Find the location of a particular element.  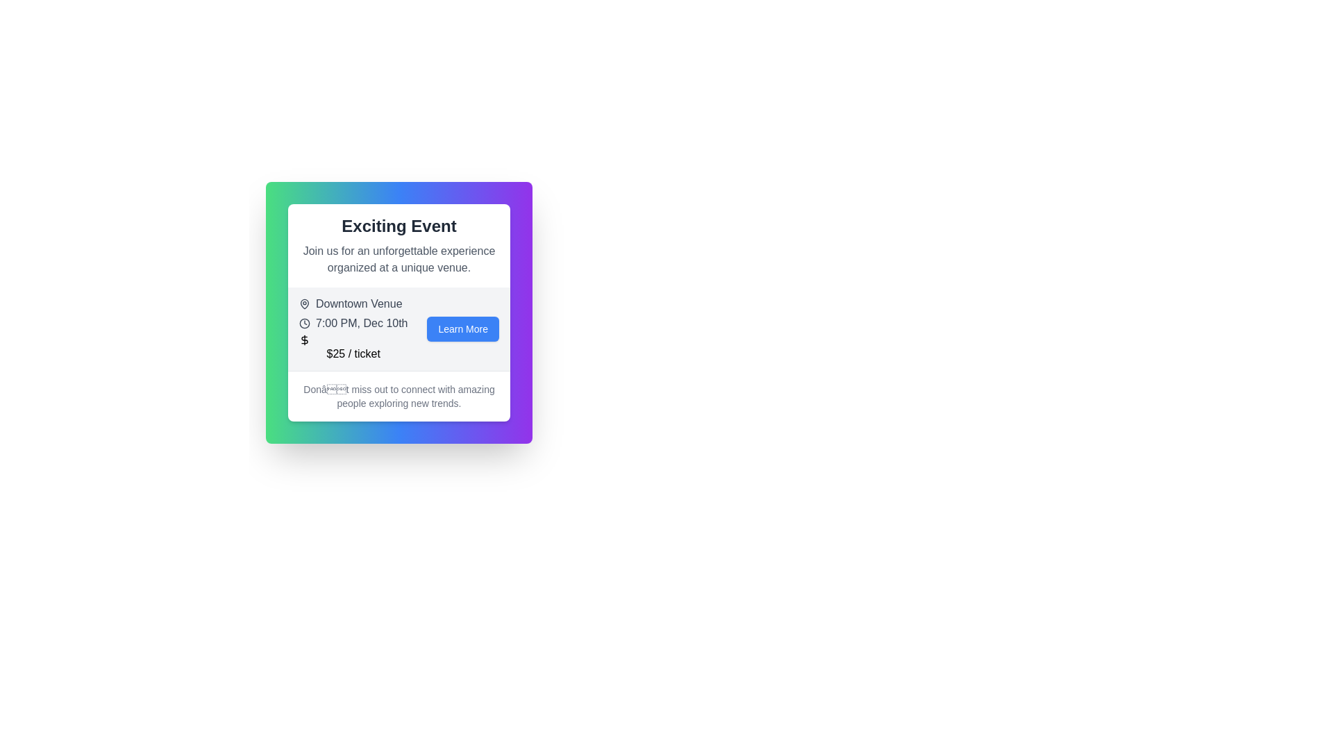

the text block located at the bottom of the card layout, below the '$25 / ticket' text is located at coordinates (399, 396).